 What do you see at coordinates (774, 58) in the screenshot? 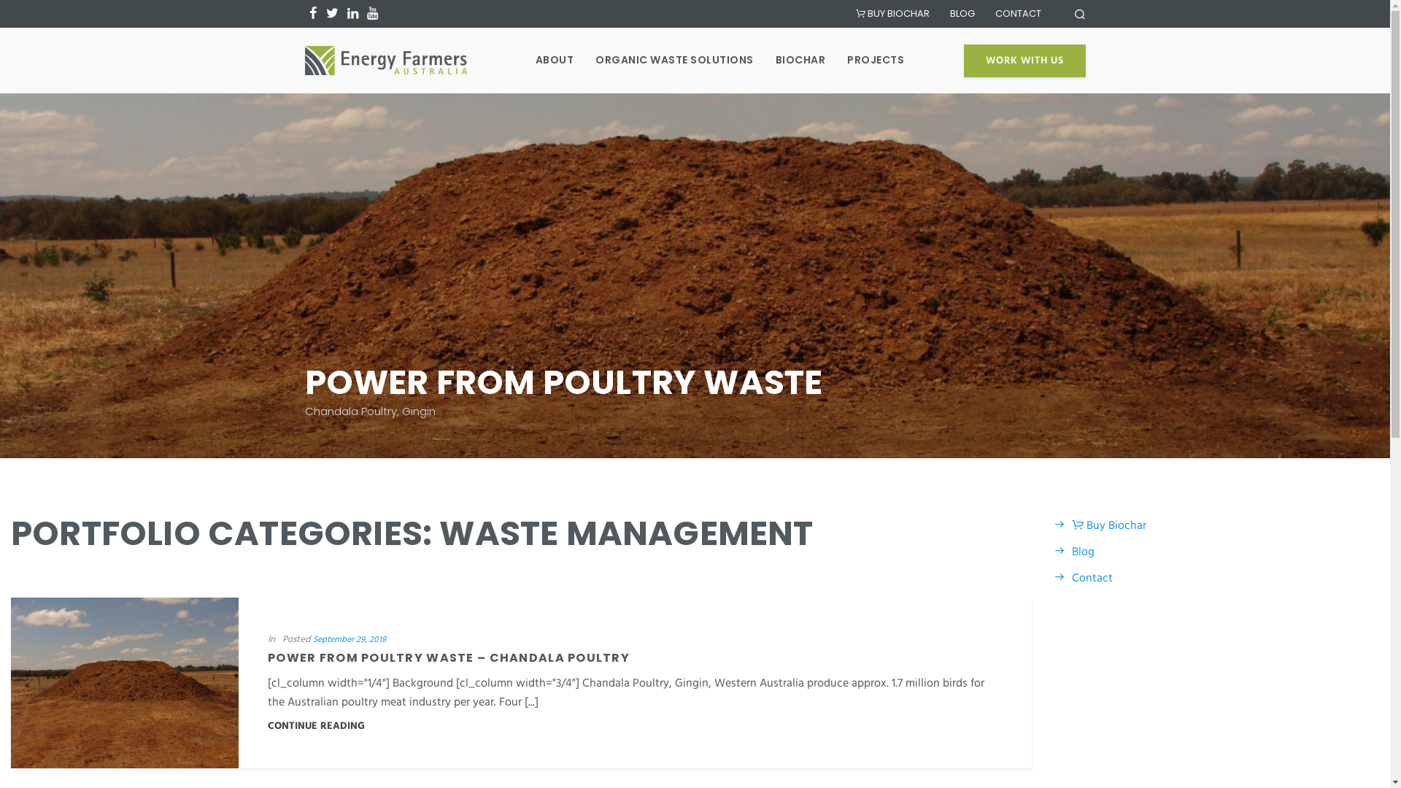
I see `'BIOCHAR'` at bounding box center [774, 58].